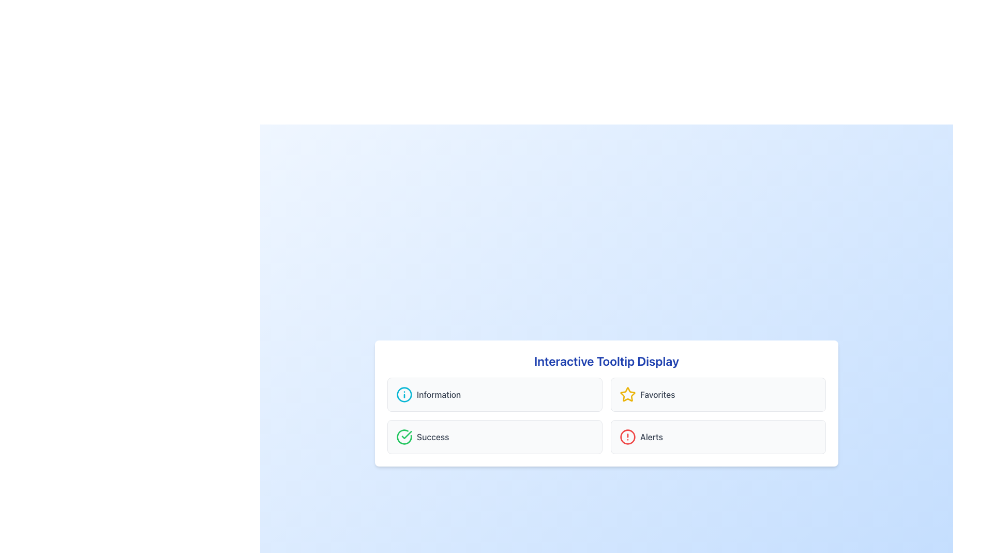 This screenshot has width=993, height=558. Describe the element at coordinates (404, 394) in the screenshot. I see `the circular icon with a cyan-colored outline and an 'i' symbol inside, located in the top-left cell of a four-cell grid layout adjacent to the 'Information' label` at that location.